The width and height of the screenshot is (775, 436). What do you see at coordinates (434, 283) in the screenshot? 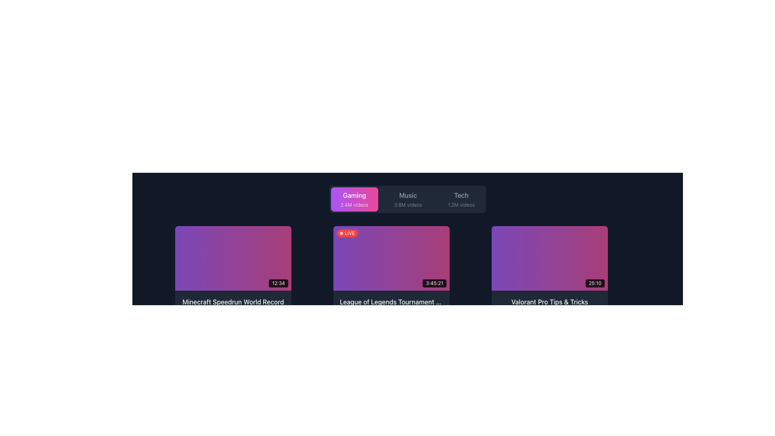
I see `the timestamp displayed in the bold white font on a solid black background, located in the bottom-right corner of the middle card in the row of three cards` at bounding box center [434, 283].